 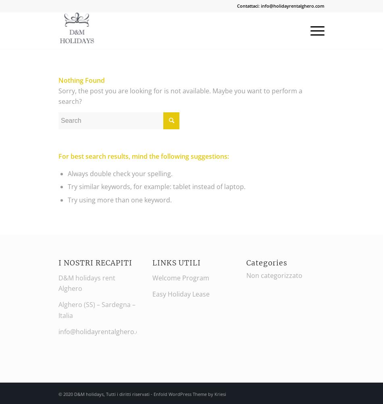 I want to click on 'Always double check your spelling.', so click(x=120, y=173).